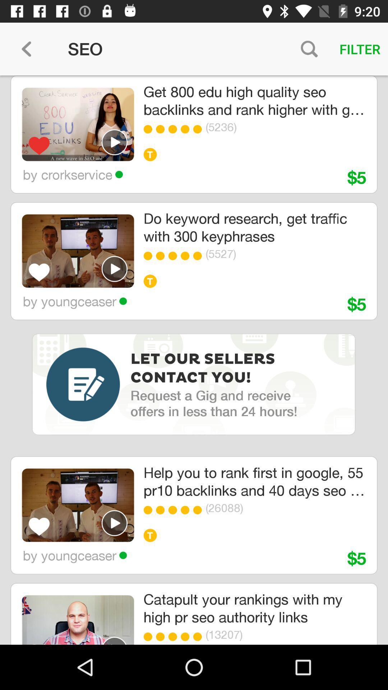 The width and height of the screenshot is (388, 690). I want to click on the (13207) icon, so click(274, 634).